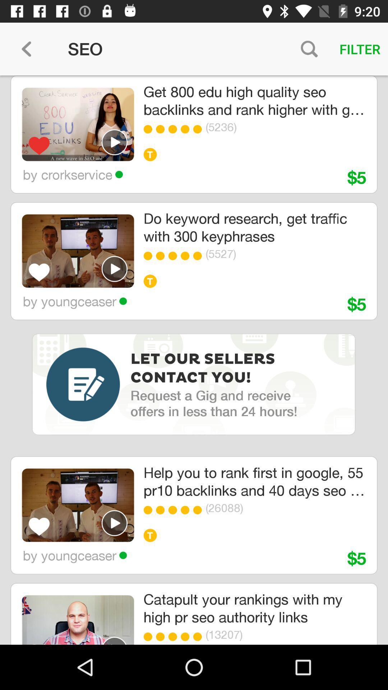 The width and height of the screenshot is (388, 690). I want to click on the (13207) icon, so click(274, 634).